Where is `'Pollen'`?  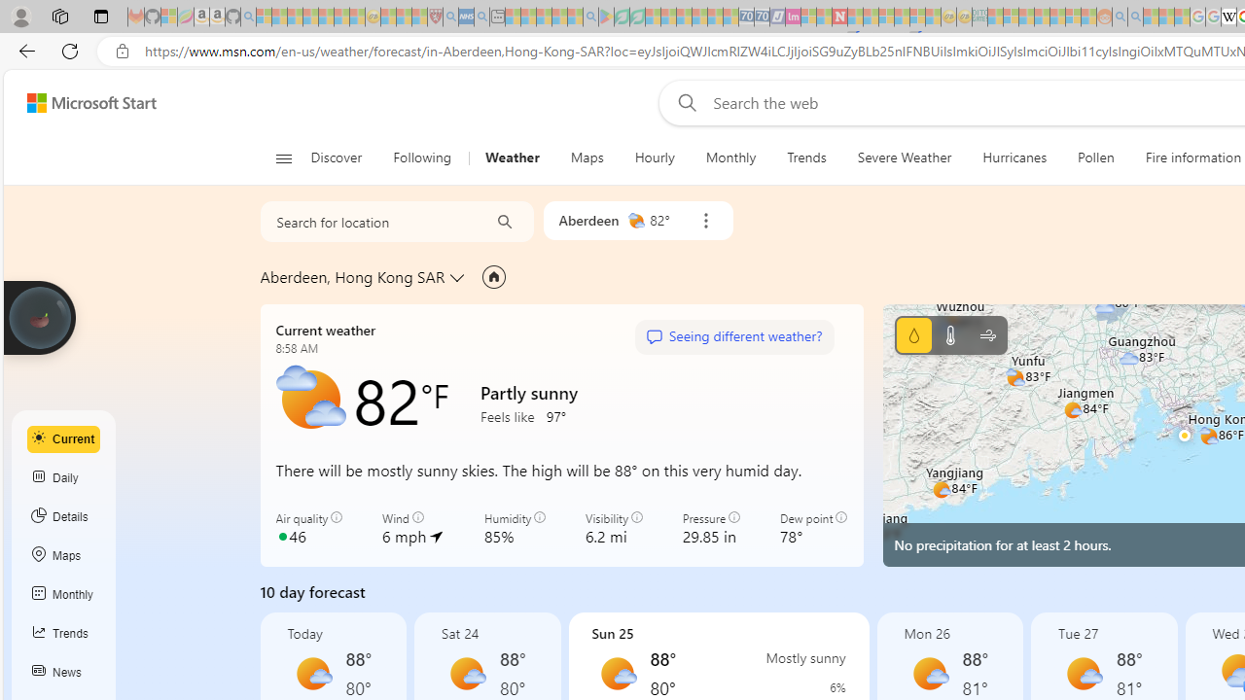 'Pollen' is located at coordinates (1096, 157).